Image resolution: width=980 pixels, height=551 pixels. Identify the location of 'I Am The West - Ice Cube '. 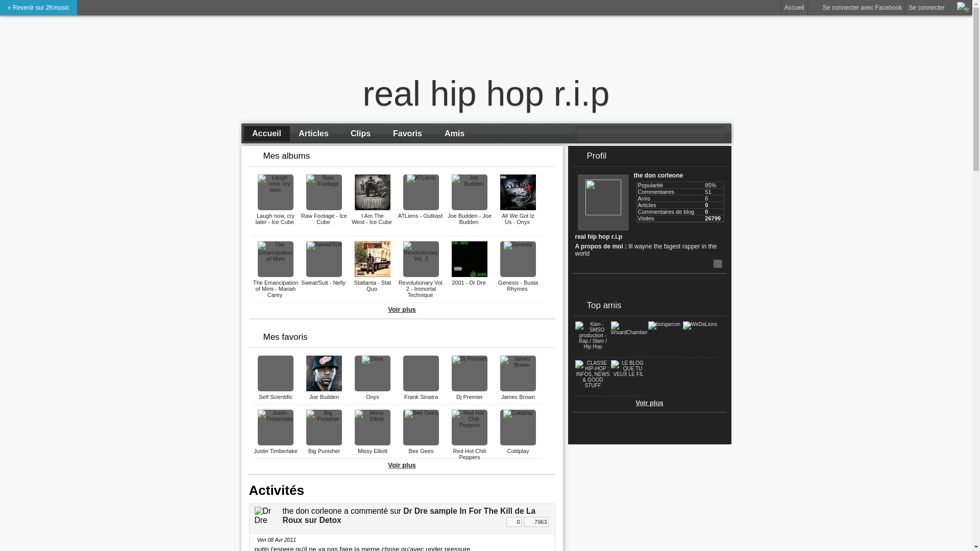
(372, 218).